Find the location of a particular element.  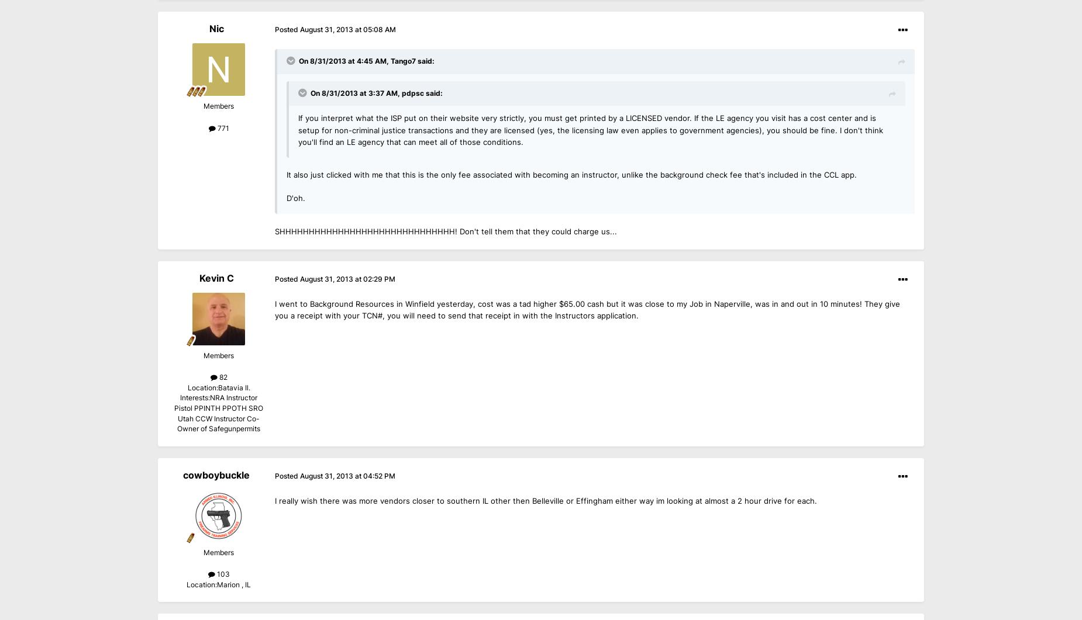

'Kevin C' is located at coordinates (198, 278).